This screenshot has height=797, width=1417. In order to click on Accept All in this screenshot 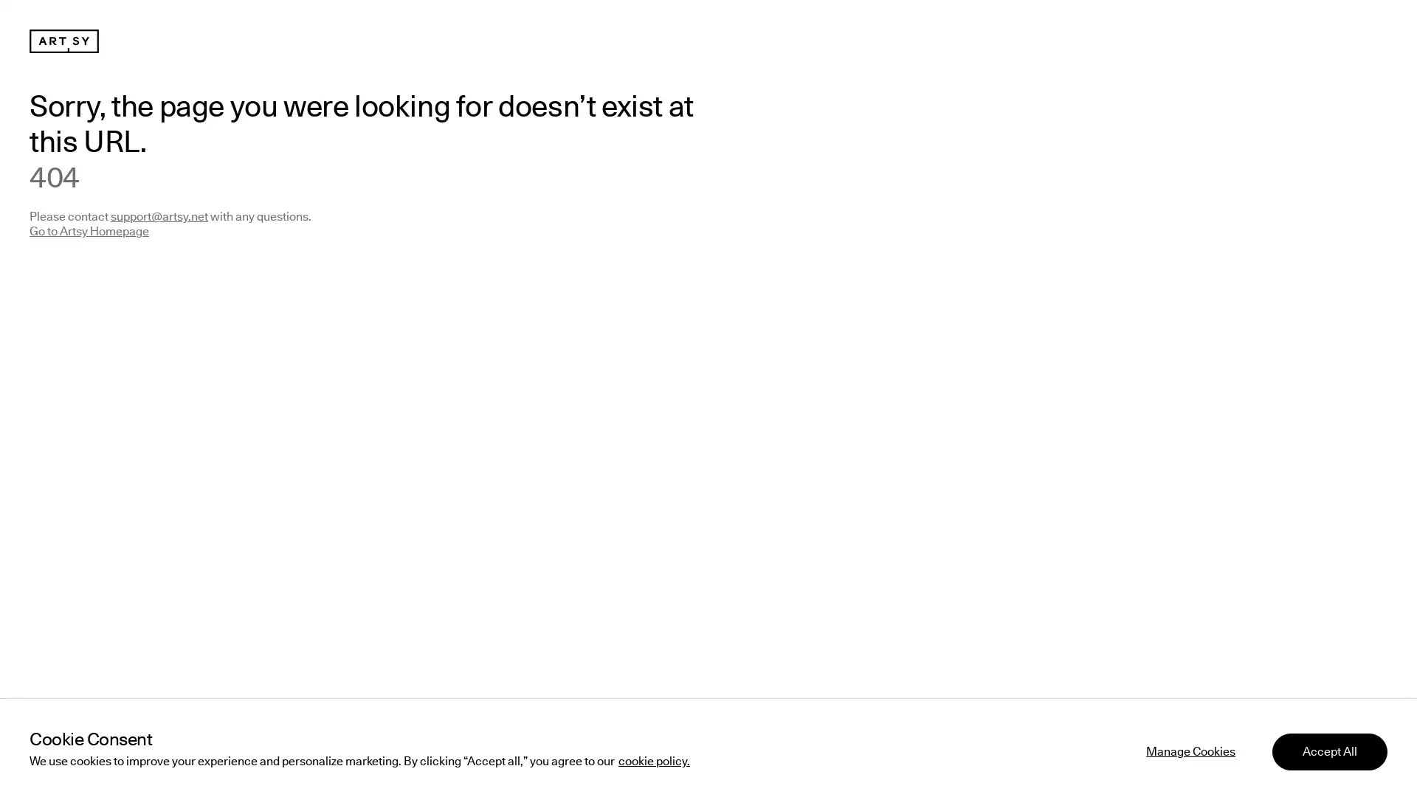, I will do `click(1329, 748)`.